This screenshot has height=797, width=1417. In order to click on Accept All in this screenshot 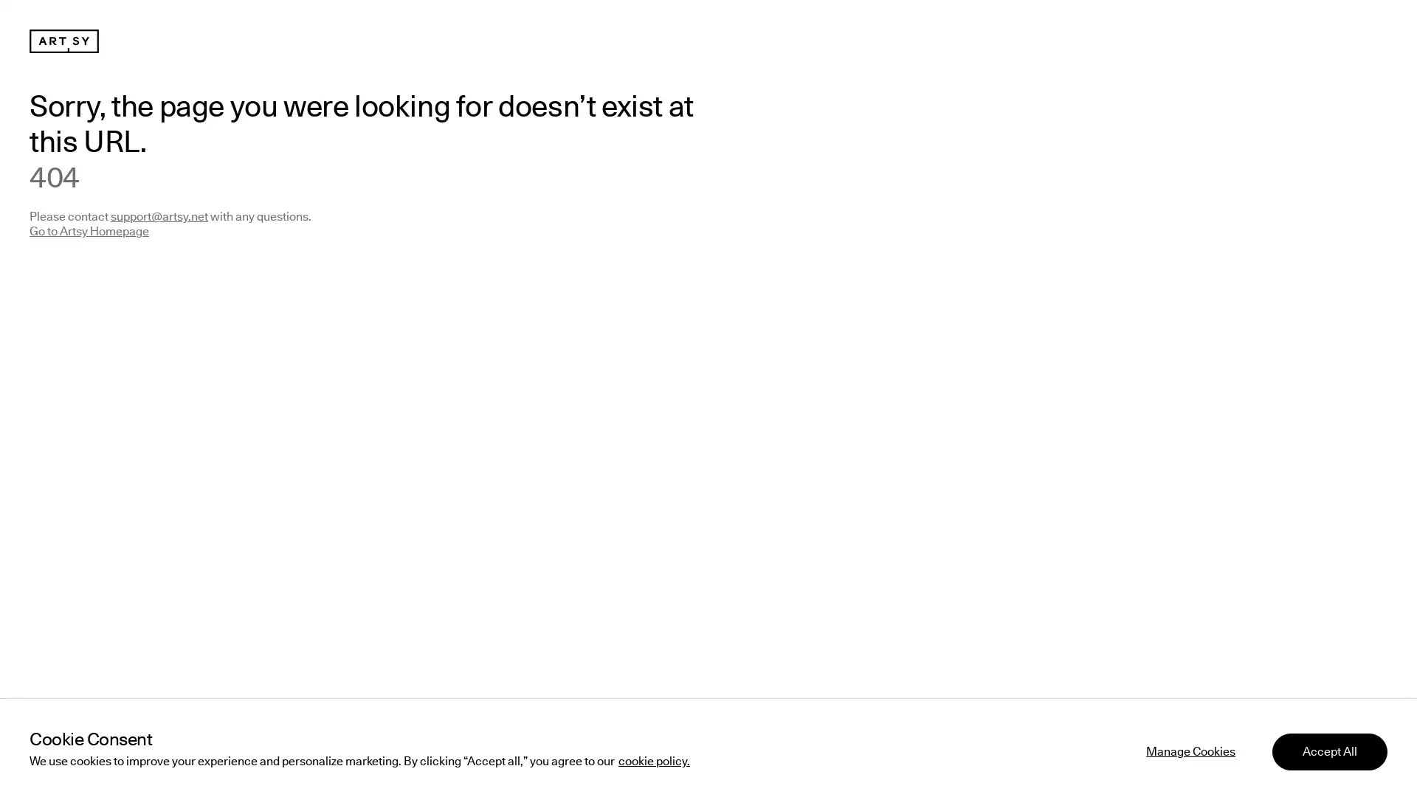, I will do `click(1329, 748)`.